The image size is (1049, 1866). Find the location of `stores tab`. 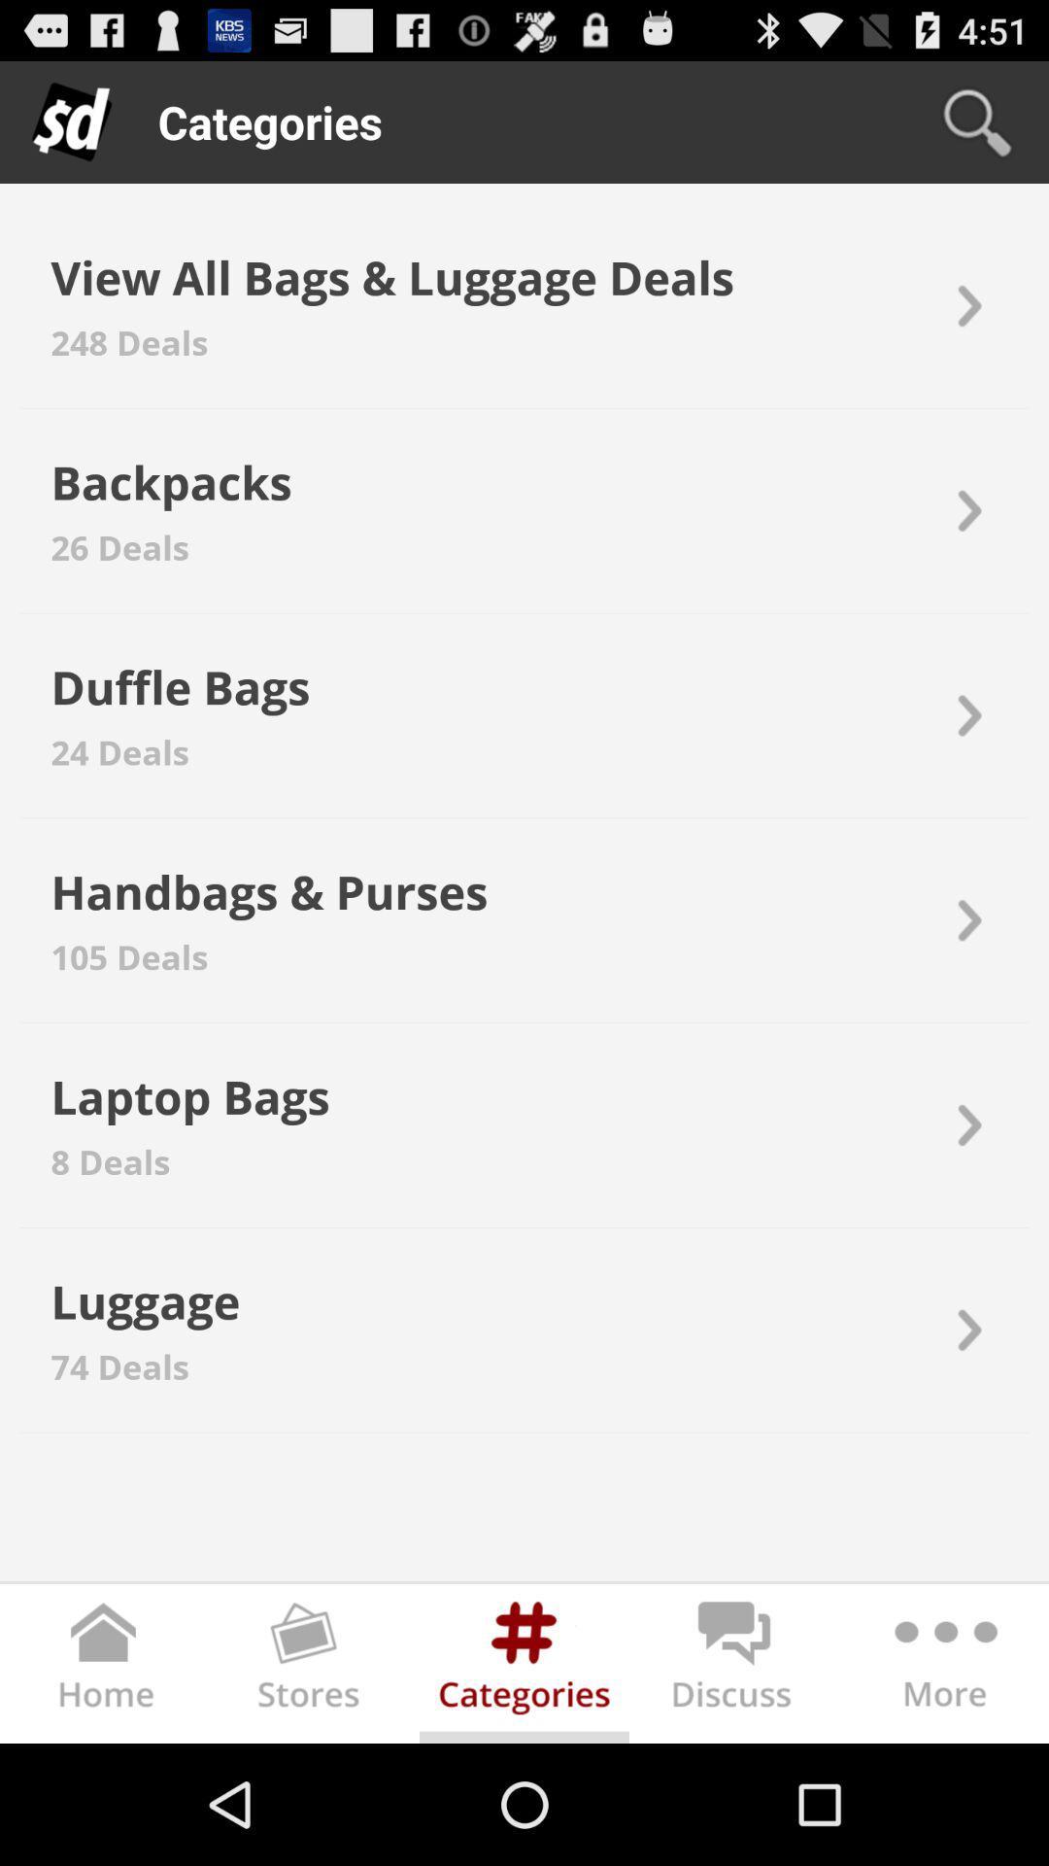

stores tab is located at coordinates (314, 1667).